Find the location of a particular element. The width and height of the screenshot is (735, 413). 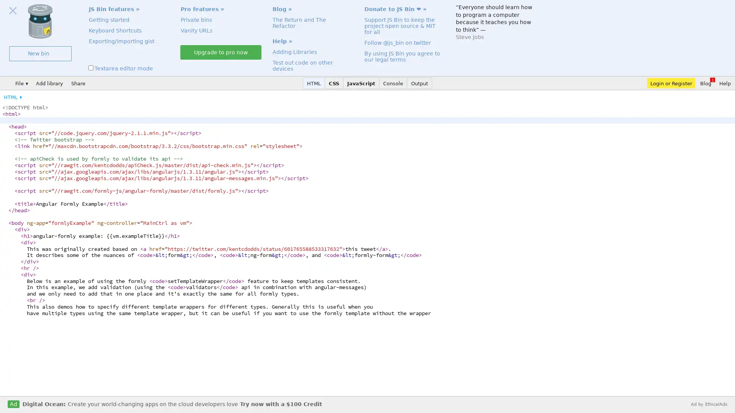

Output Panel: Inactive is located at coordinates (419, 83).